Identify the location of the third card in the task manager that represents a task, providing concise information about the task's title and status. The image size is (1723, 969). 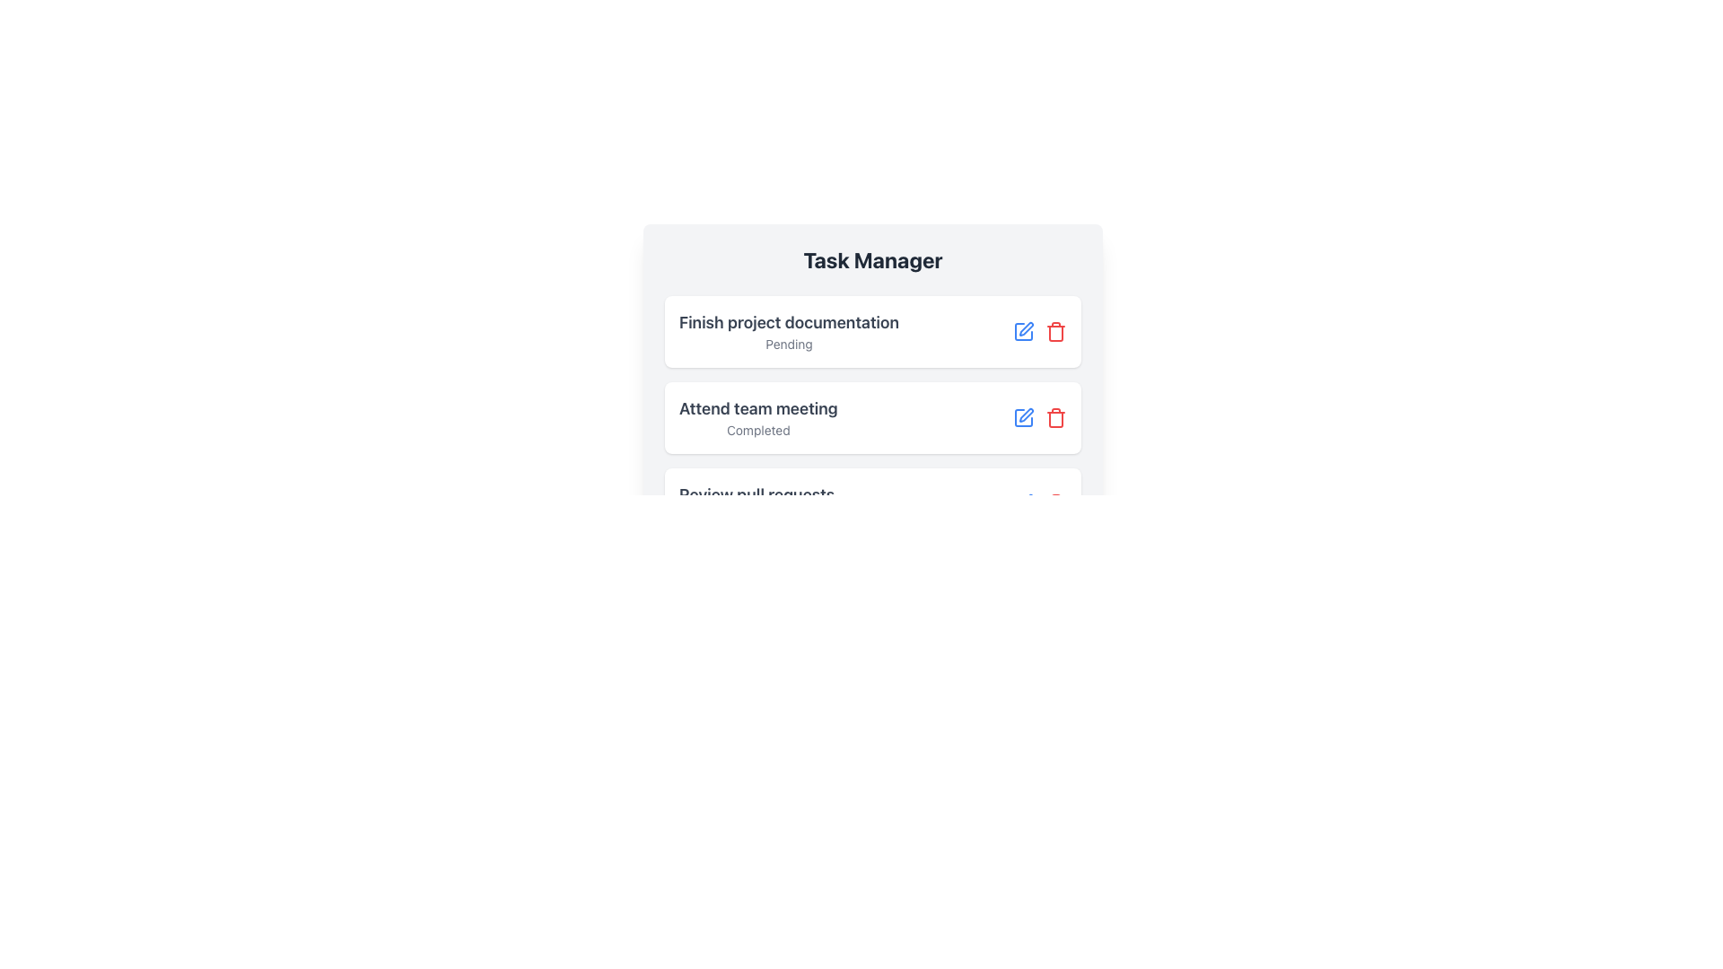
(873, 504).